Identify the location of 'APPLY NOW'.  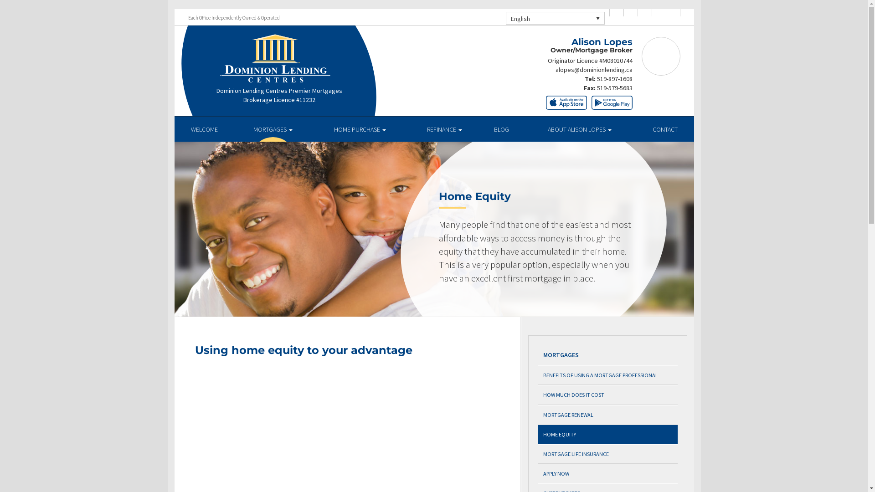
(607, 473).